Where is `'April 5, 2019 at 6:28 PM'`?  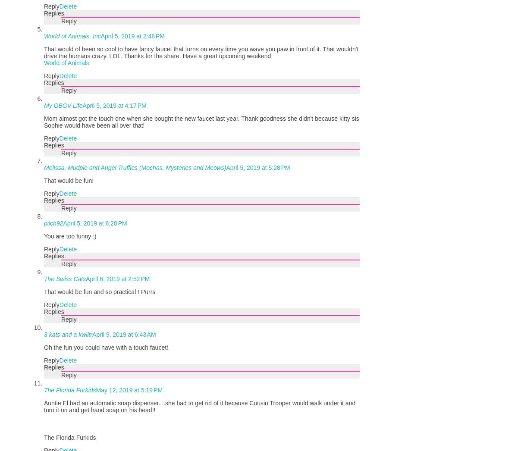
'April 5, 2019 at 6:28 PM' is located at coordinates (94, 223).